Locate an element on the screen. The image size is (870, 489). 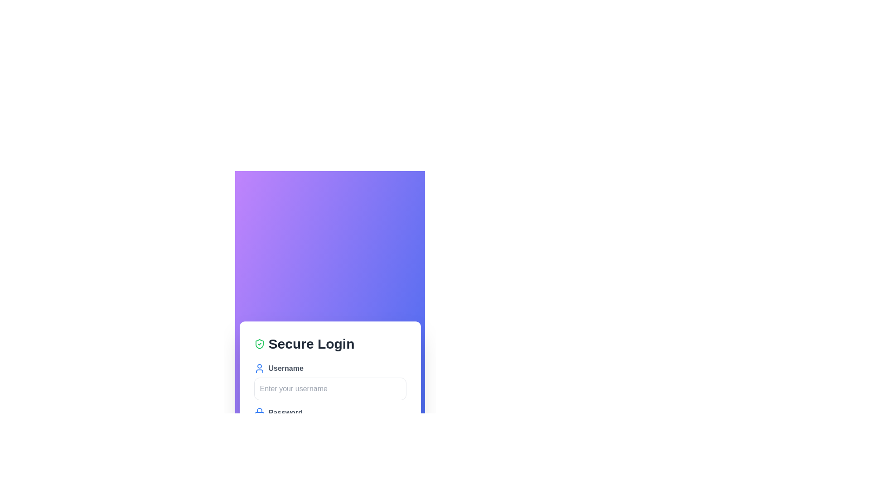
the 'Username' text label, which is styled with a bold font in gray and positioned next to a blue user icon, above the username input box is located at coordinates (285, 368).